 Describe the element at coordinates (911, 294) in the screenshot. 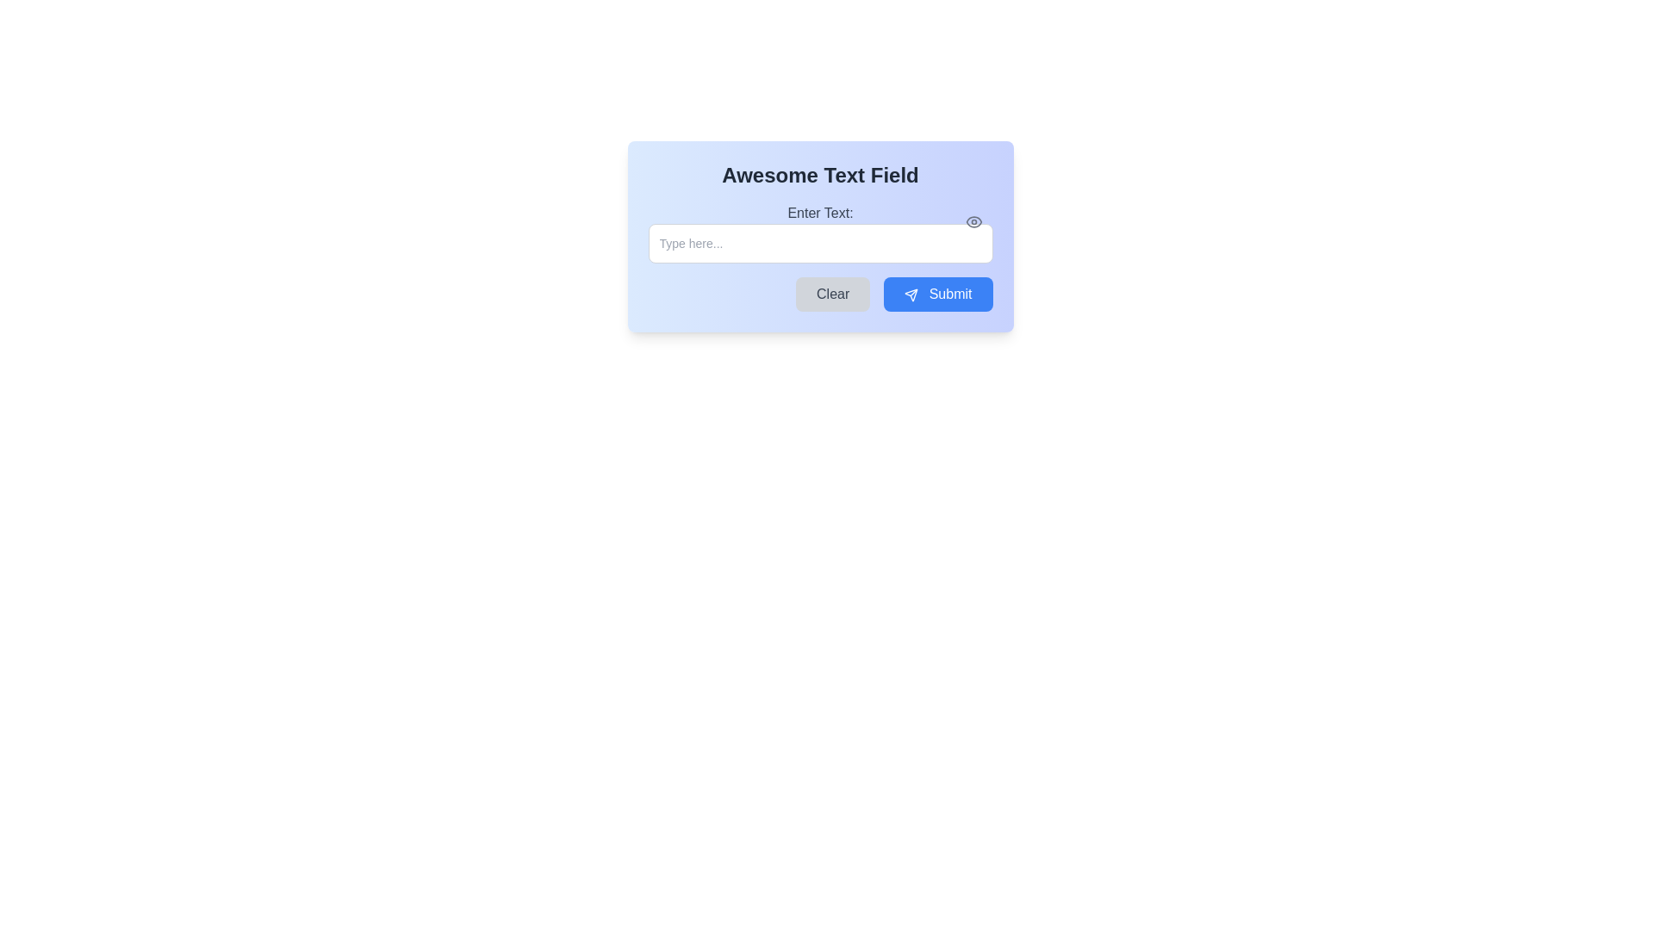

I see `the 'Submit' button that contains a small triangular paper plane icon, located at the bottom right of the interactive card` at that location.